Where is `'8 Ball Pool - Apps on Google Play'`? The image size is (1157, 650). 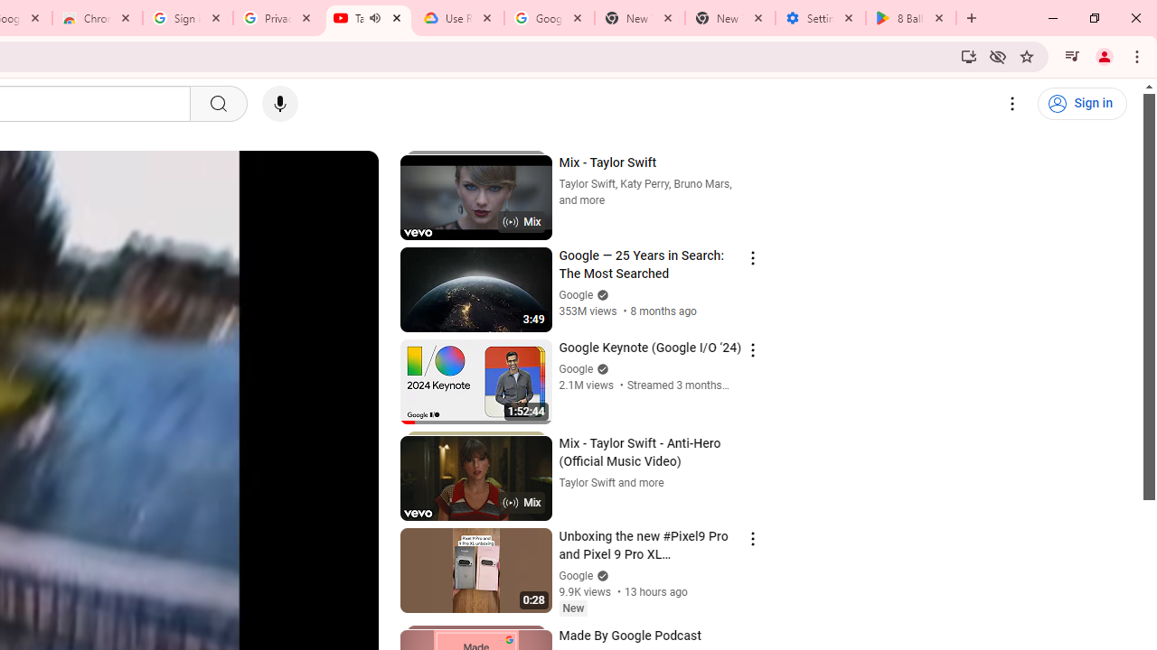 '8 Ball Pool - Apps on Google Play' is located at coordinates (911, 18).